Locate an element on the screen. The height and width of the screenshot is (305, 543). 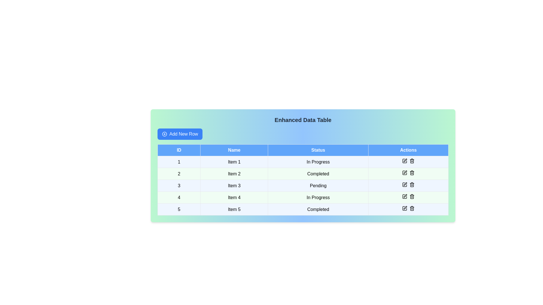
the text cell containing 'Item 1' in the second cell of the first row under the 'Name' column of the table is located at coordinates (234, 162).